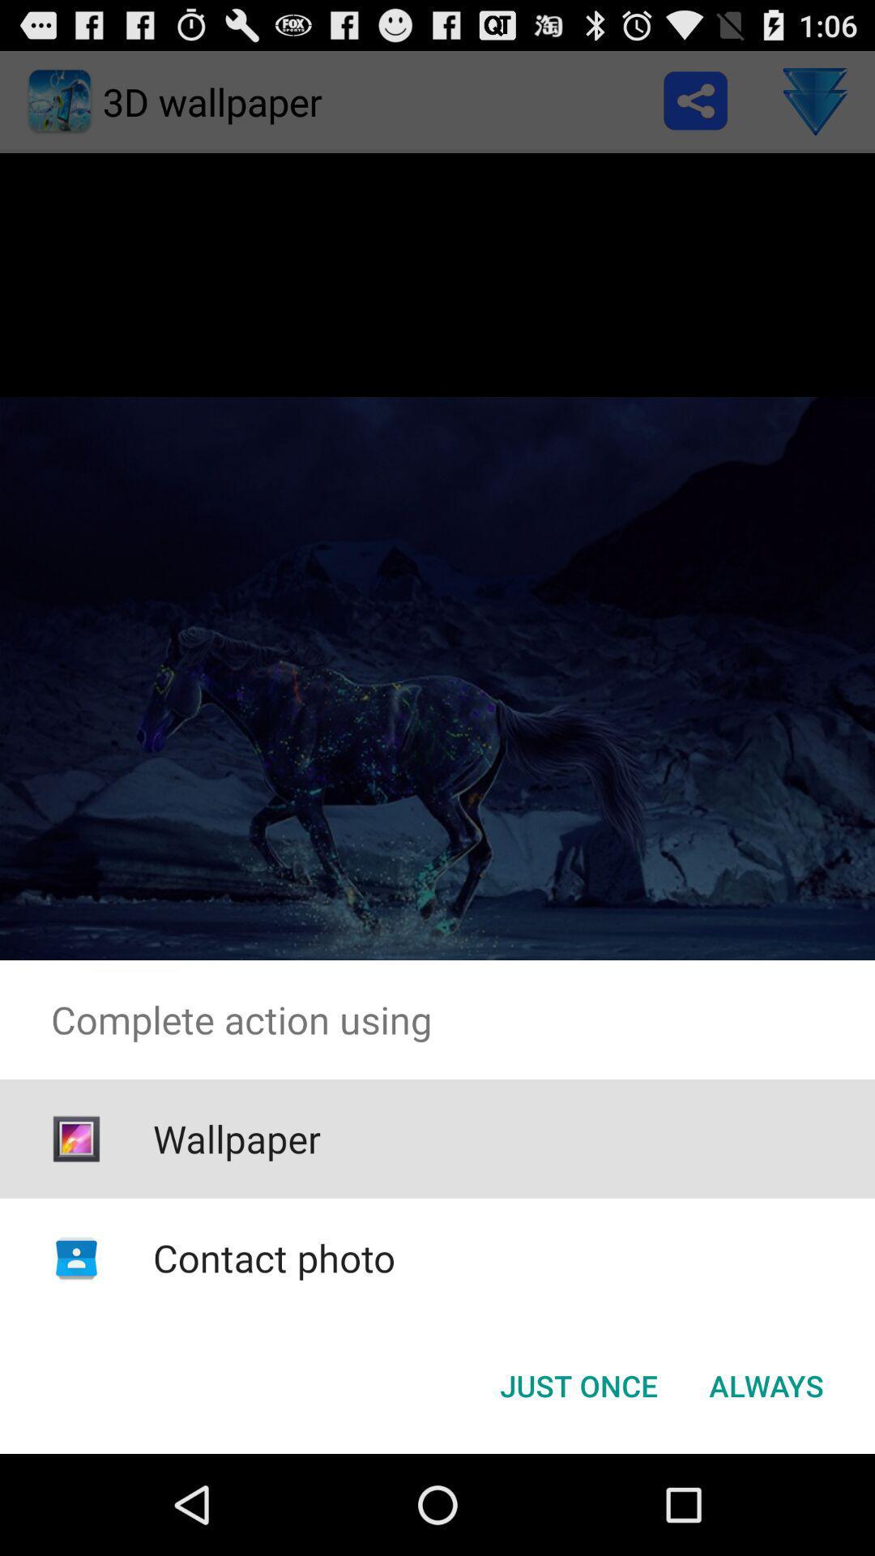 The width and height of the screenshot is (875, 1556). I want to click on the app below complete action using, so click(578, 1384).